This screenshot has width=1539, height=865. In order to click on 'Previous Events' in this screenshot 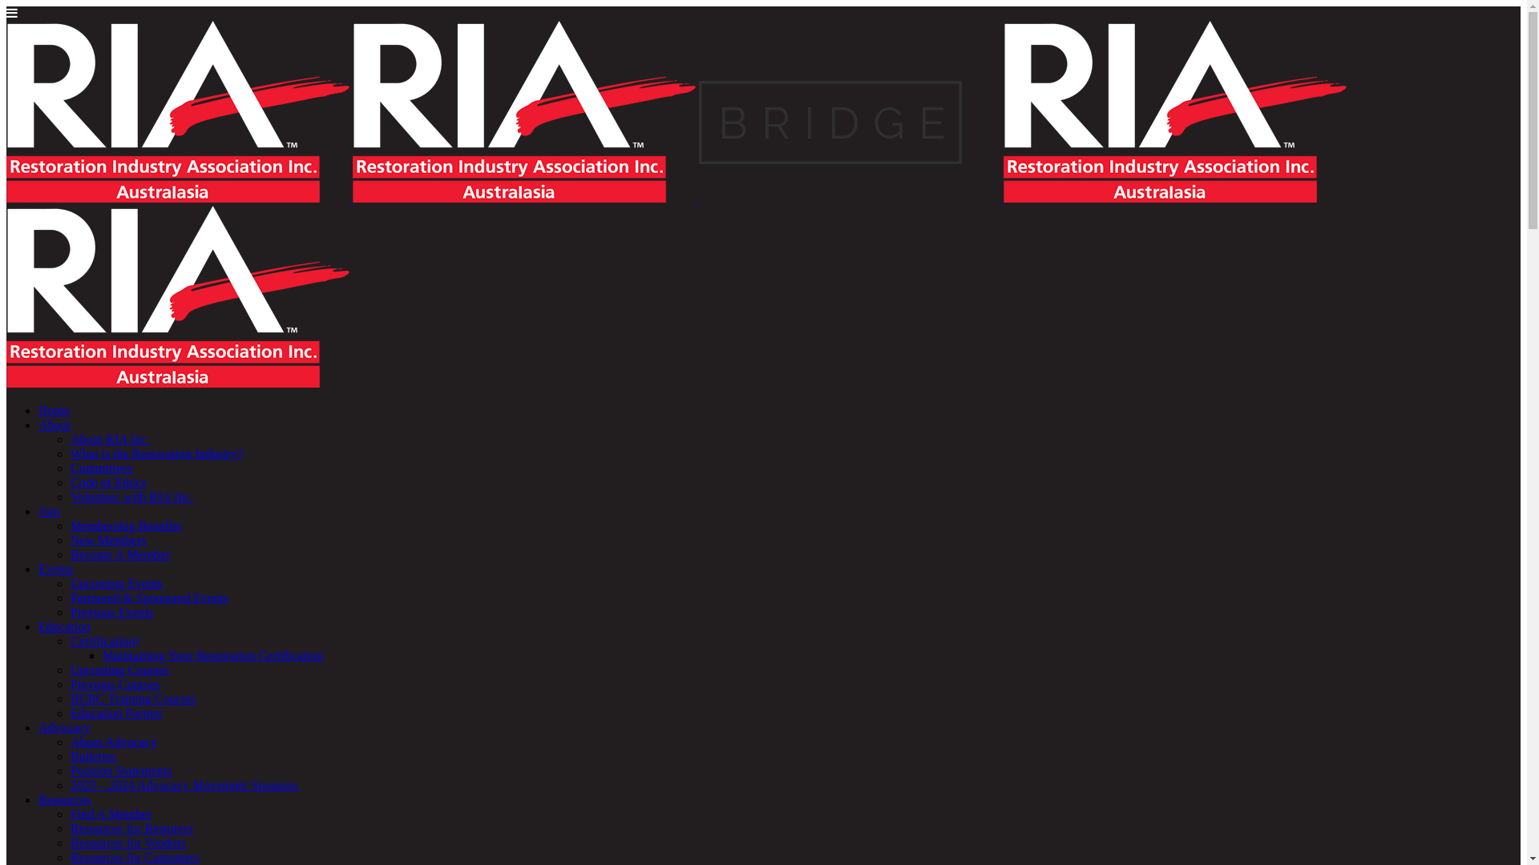, I will do `click(111, 612)`.